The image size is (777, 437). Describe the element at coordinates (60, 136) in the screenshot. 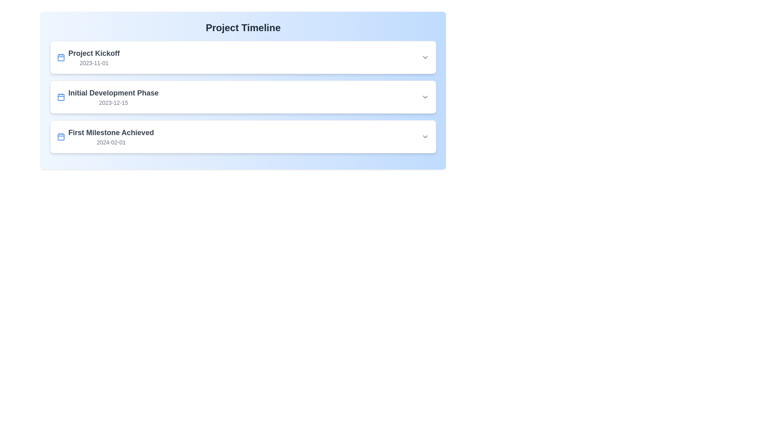

I see `the rounded rectangle element that is part of the calendar icon for the first milestone achieved on 2024-02-01, located to the left of the milestone's label text` at that location.